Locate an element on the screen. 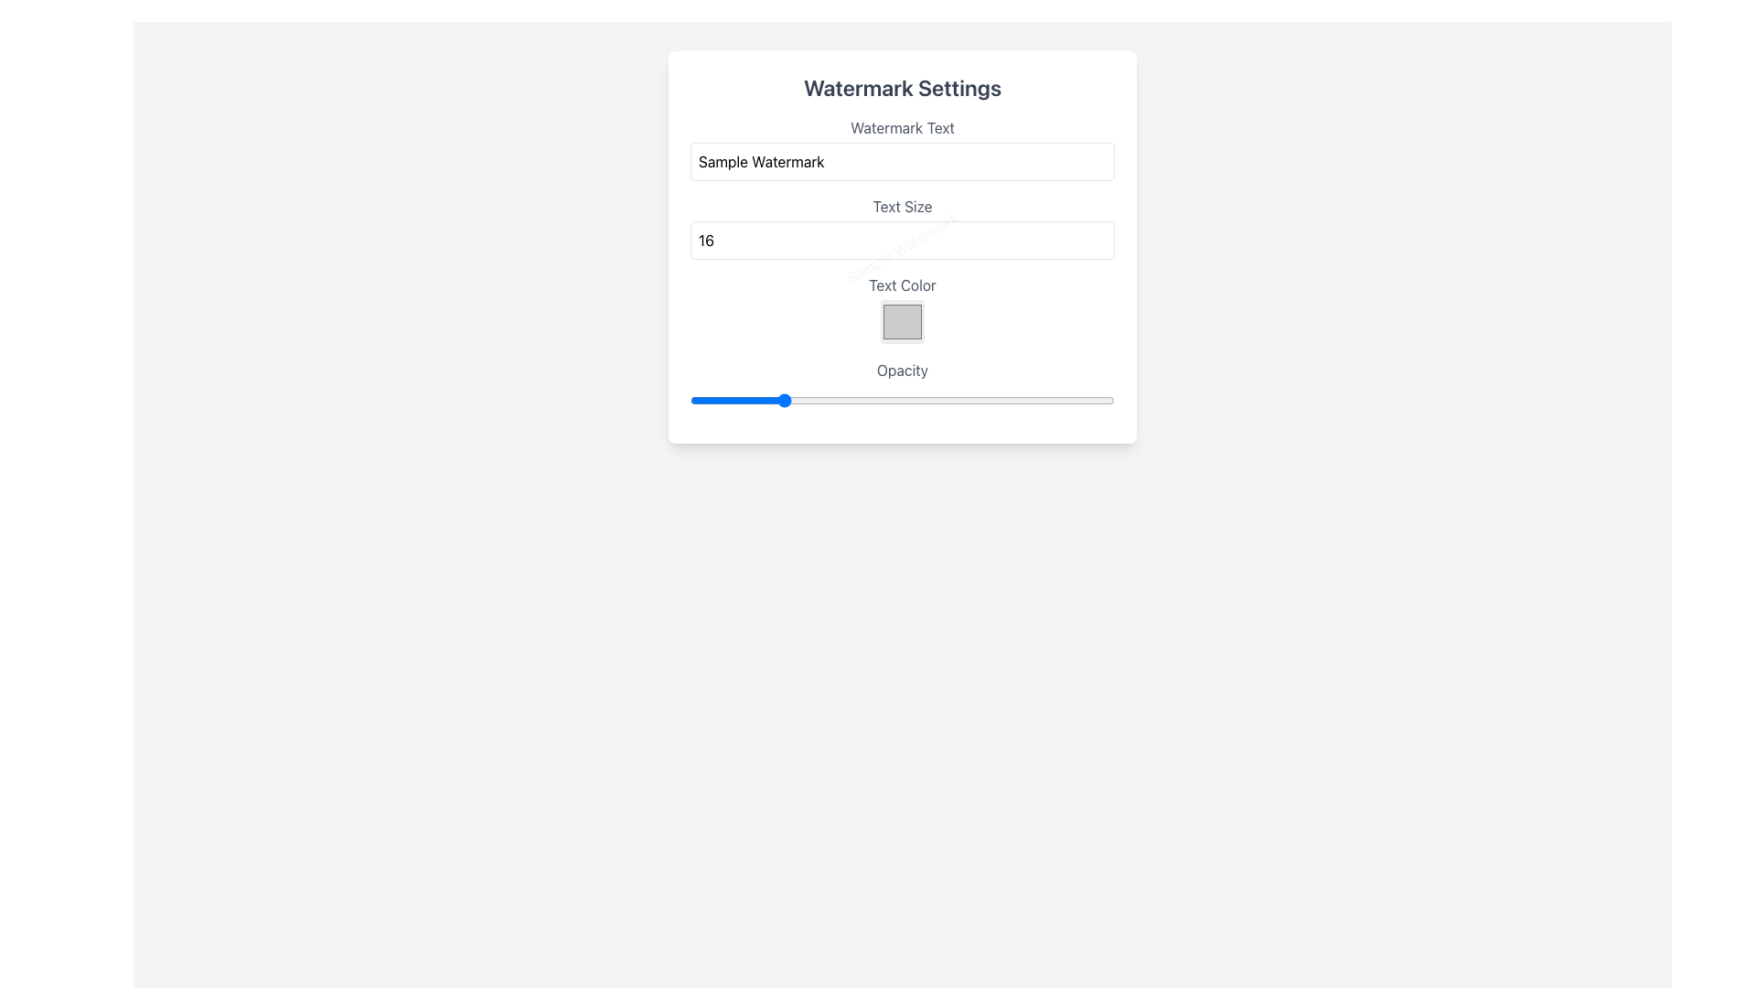 The width and height of the screenshot is (1756, 988). the static text label that indicates the size of the text in the 'Watermark Settings' interface, positioned above the '16' numerical input box is located at coordinates (903, 206).